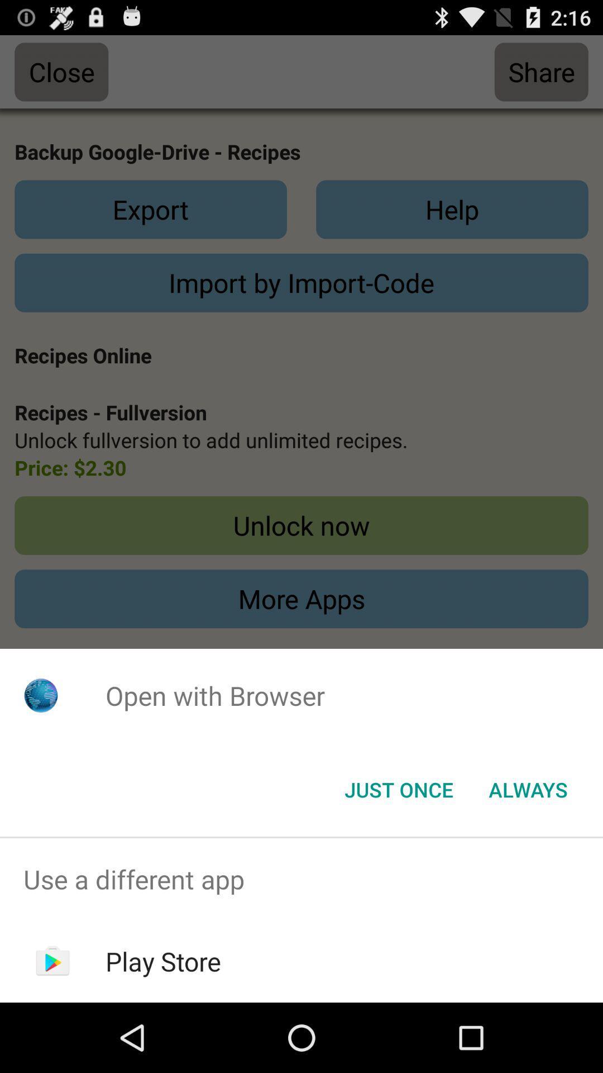 Image resolution: width=603 pixels, height=1073 pixels. I want to click on the icon below the open with browser app, so click(528, 789).